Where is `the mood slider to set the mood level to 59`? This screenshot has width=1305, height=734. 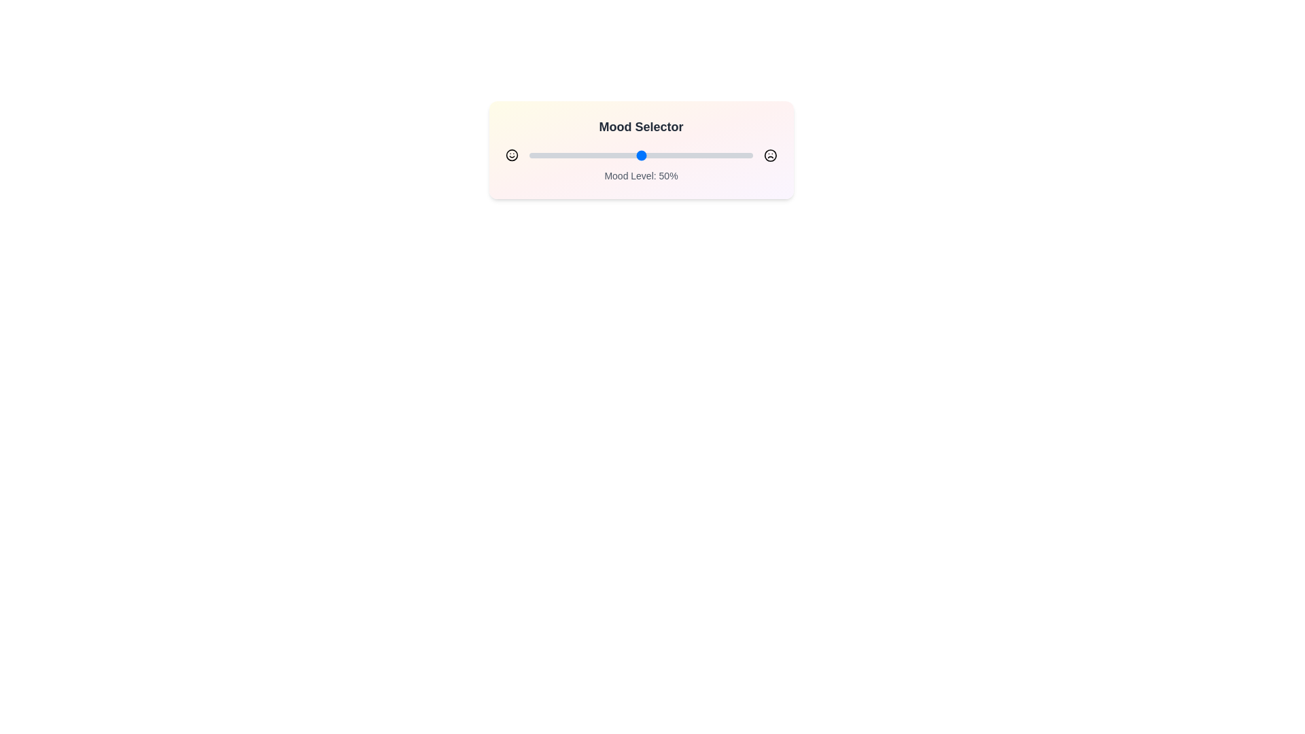
the mood slider to set the mood level to 59 is located at coordinates (661, 154).